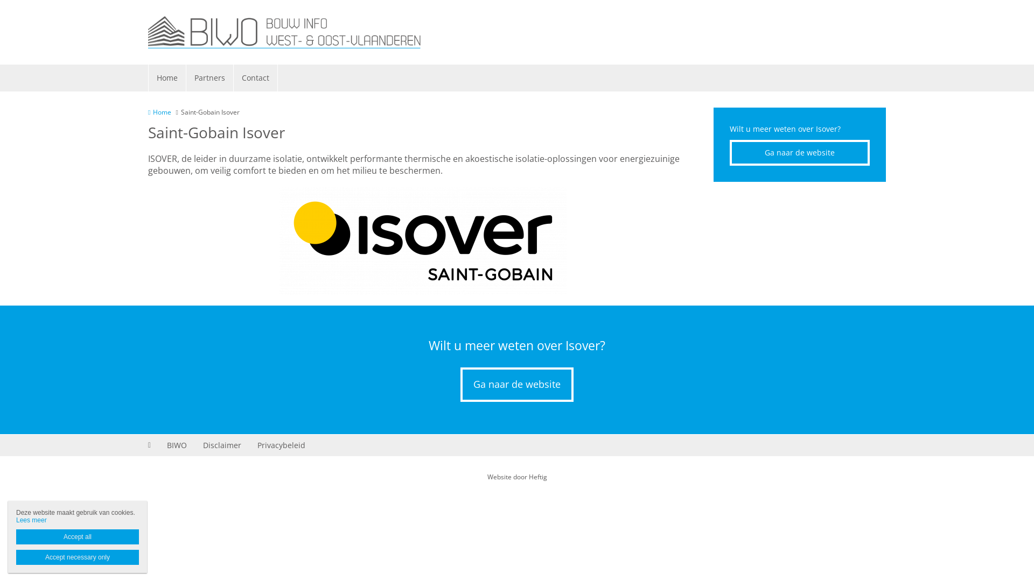  I want to click on 'Contact', so click(233, 77).